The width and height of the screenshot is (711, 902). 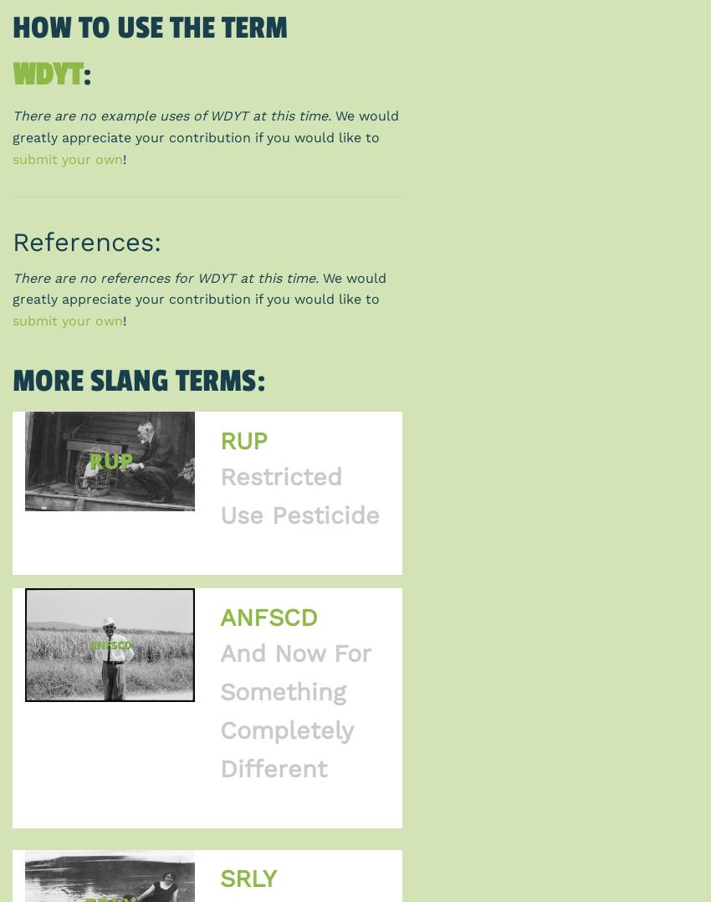 I want to click on 'RUP', so click(x=242, y=439).